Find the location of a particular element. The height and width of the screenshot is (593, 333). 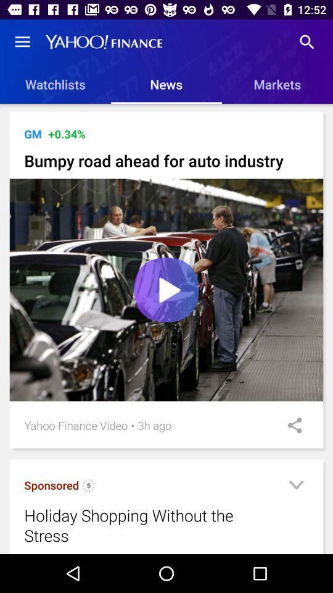

the icon to the right of the gm icon is located at coordinates (67, 134).